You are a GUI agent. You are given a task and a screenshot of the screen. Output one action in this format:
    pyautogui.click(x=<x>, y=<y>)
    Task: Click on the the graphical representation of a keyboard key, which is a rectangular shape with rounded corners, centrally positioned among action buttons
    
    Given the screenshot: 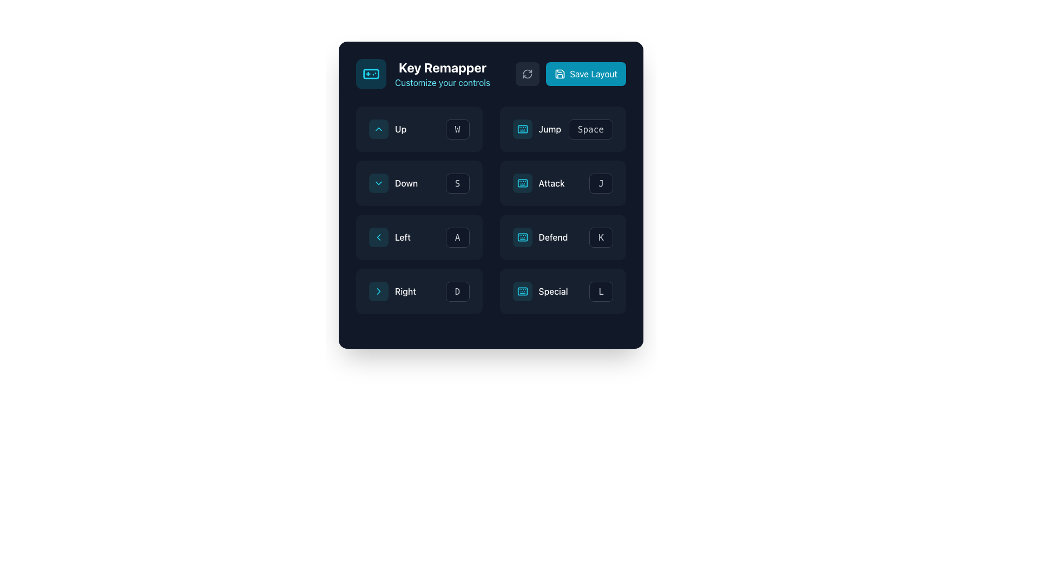 What is the action you would take?
    pyautogui.click(x=522, y=291)
    